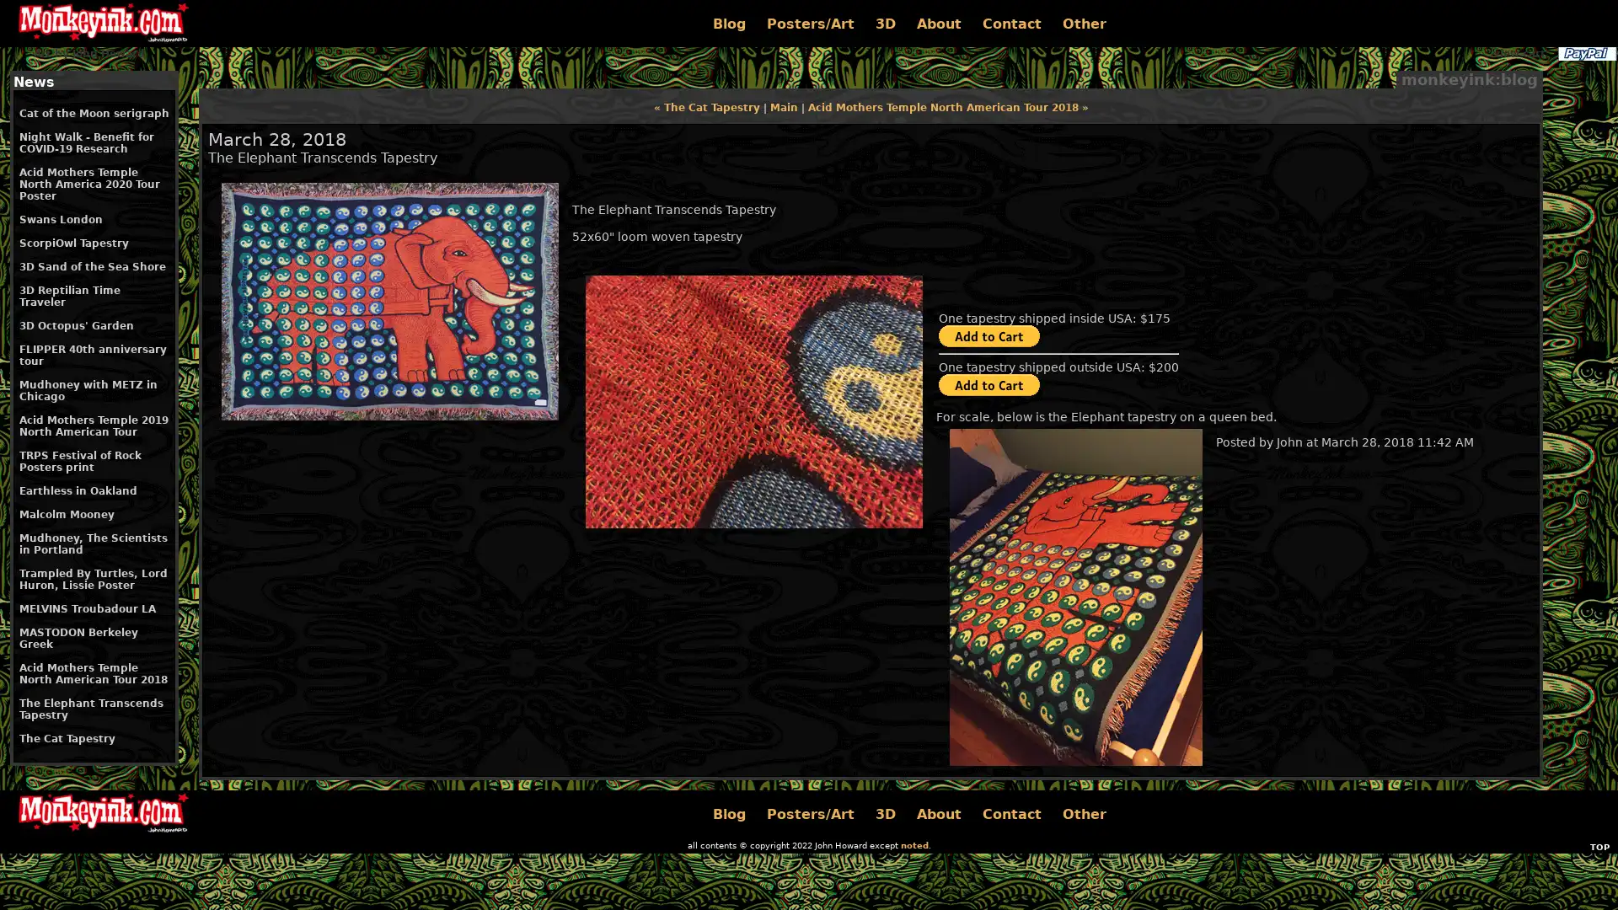 The width and height of the screenshot is (1618, 910). What do you see at coordinates (1585, 53) in the screenshot?
I see `PayPal` at bounding box center [1585, 53].